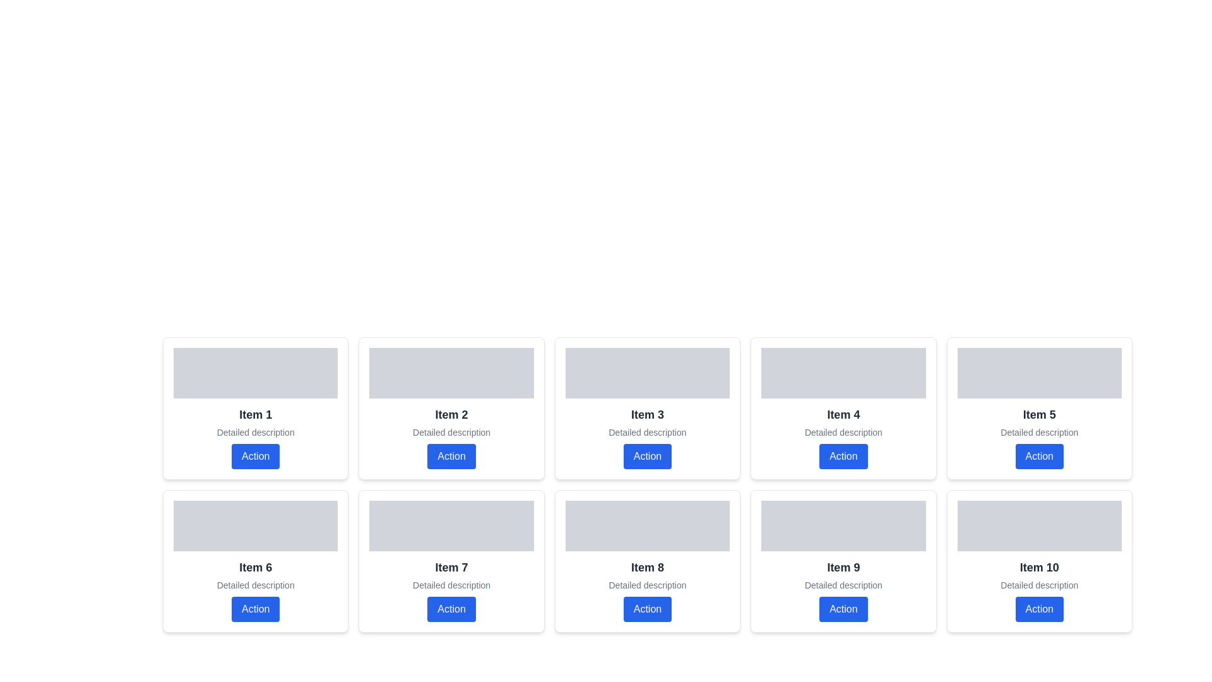  Describe the element at coordinates (255, 608) in the screenshot. I see `the button located at the bottom section of the card labeled 'Item 6' to observe the hover effect` at that location.